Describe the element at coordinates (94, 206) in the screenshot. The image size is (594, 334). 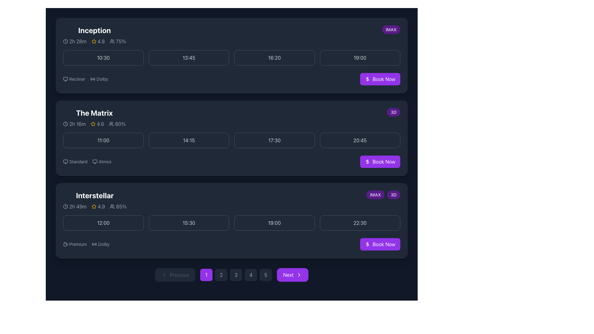
I see `the movie rating icon located between the clock icon and the rating number text '4.9' under the 'Interstellar' movie section` at that location.